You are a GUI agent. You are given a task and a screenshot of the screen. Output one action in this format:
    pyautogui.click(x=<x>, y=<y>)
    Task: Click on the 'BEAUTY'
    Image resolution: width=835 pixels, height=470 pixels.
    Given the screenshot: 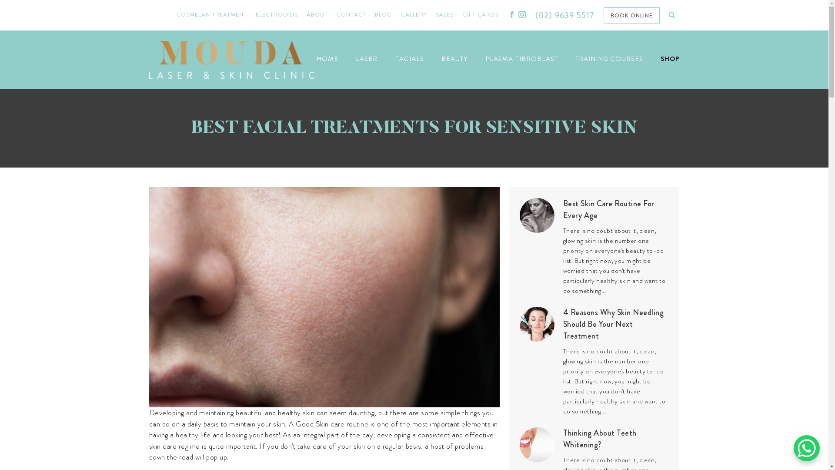 What is the action you would take?
    pyautogui.click(x=454, y=59)
    